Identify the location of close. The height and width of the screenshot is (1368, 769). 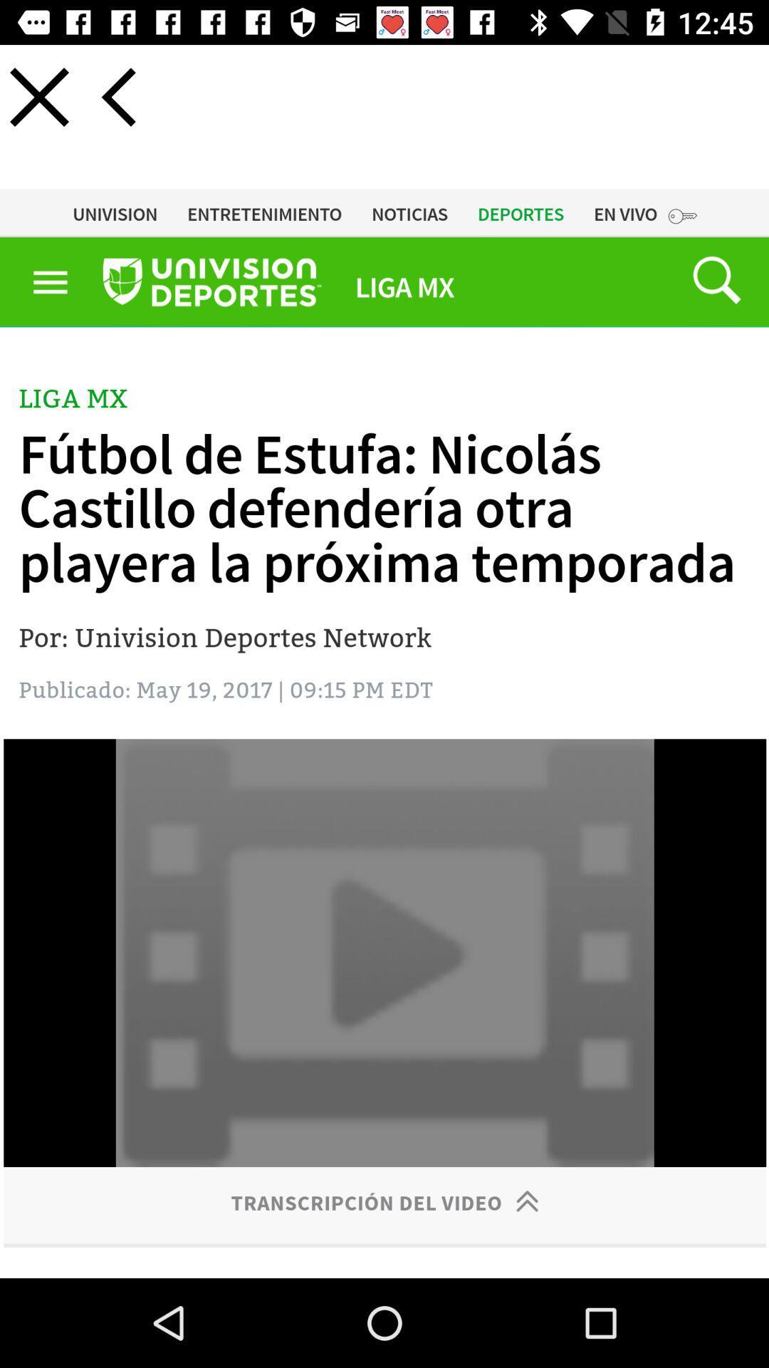
(38, 96).